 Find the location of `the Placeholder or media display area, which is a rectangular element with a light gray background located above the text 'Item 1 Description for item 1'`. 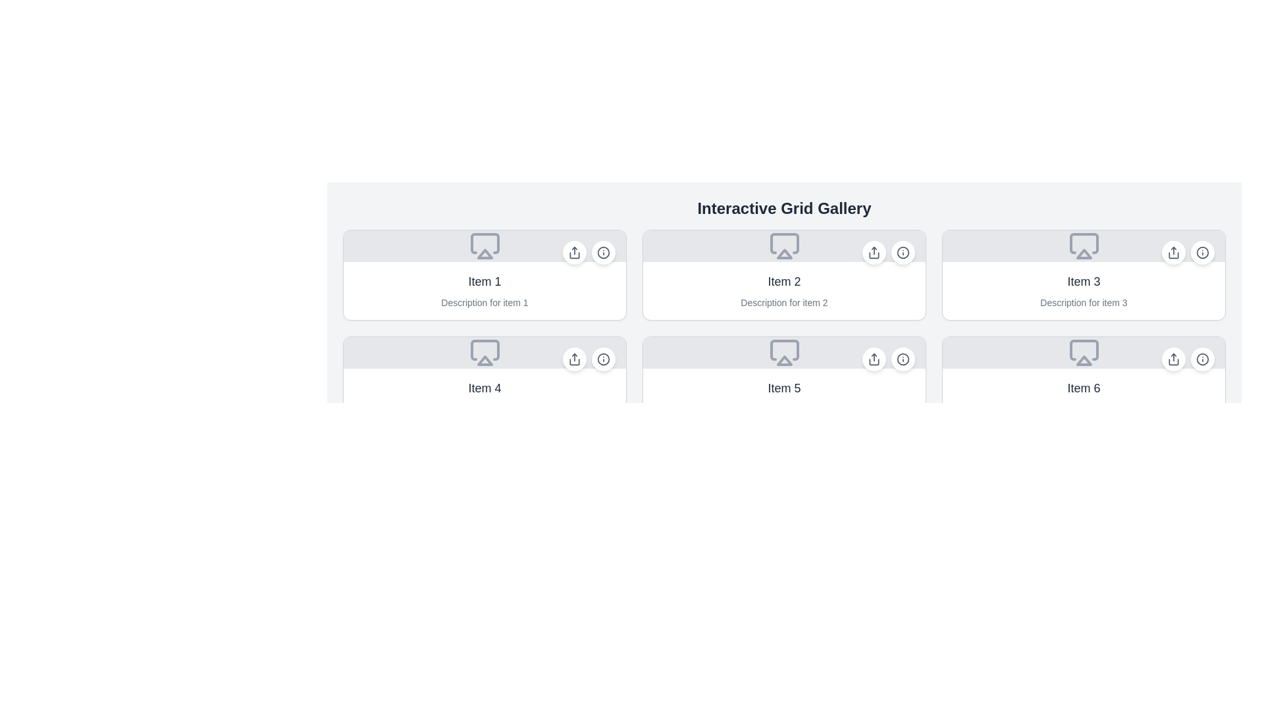

the Placeholder or media display area, which is a rectangular element with a light gray background located above the text 'Item 1 Description for item 1' is located at coordinates (484, 246).